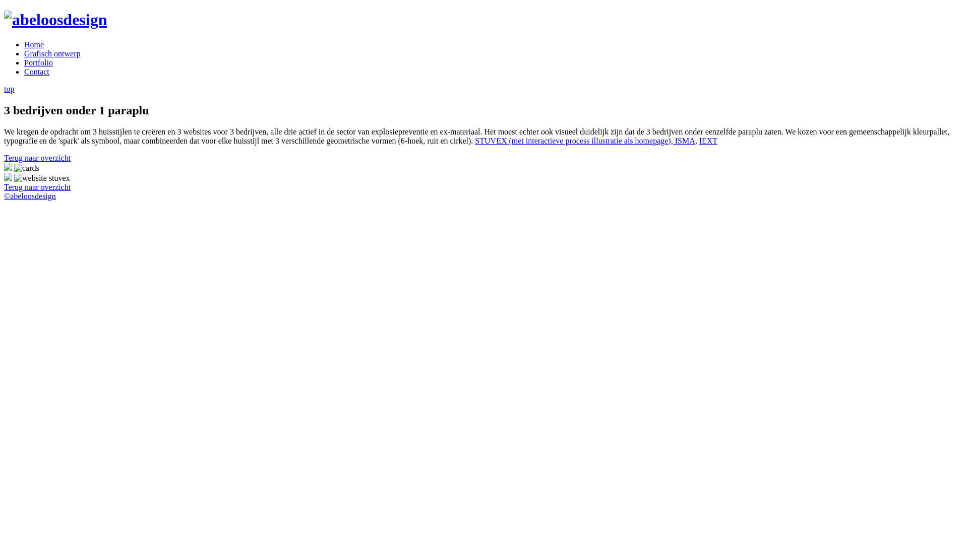 This screenshot has height=544, width=968. I want to click on 'home', so click(55, 19).